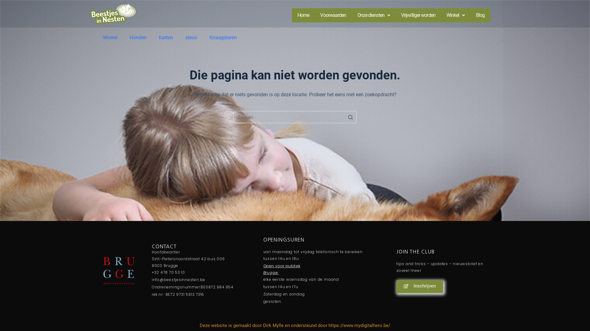 The height and width of the screenshot is (331, 590). I want to click on 'Doorgaan naar artikel', so click(6, 3).